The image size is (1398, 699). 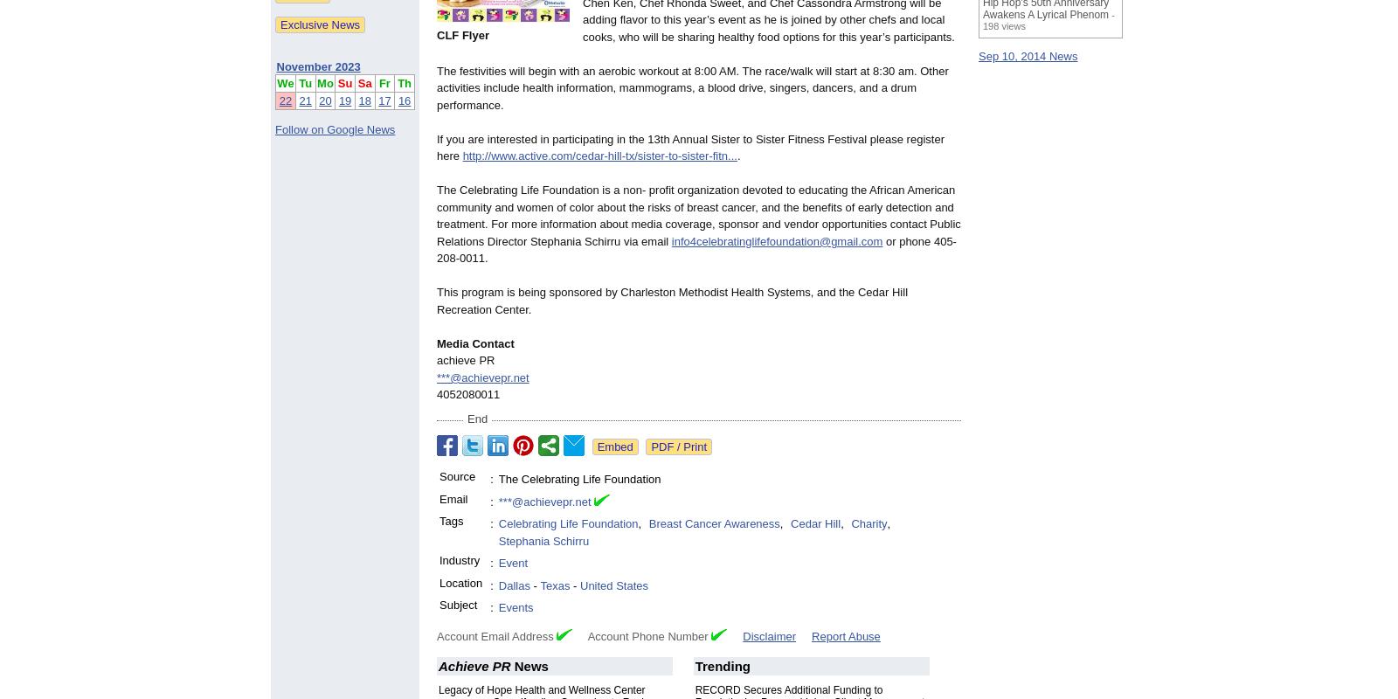 I want to click on 'Report Abuse', so click(x=845, y=634).